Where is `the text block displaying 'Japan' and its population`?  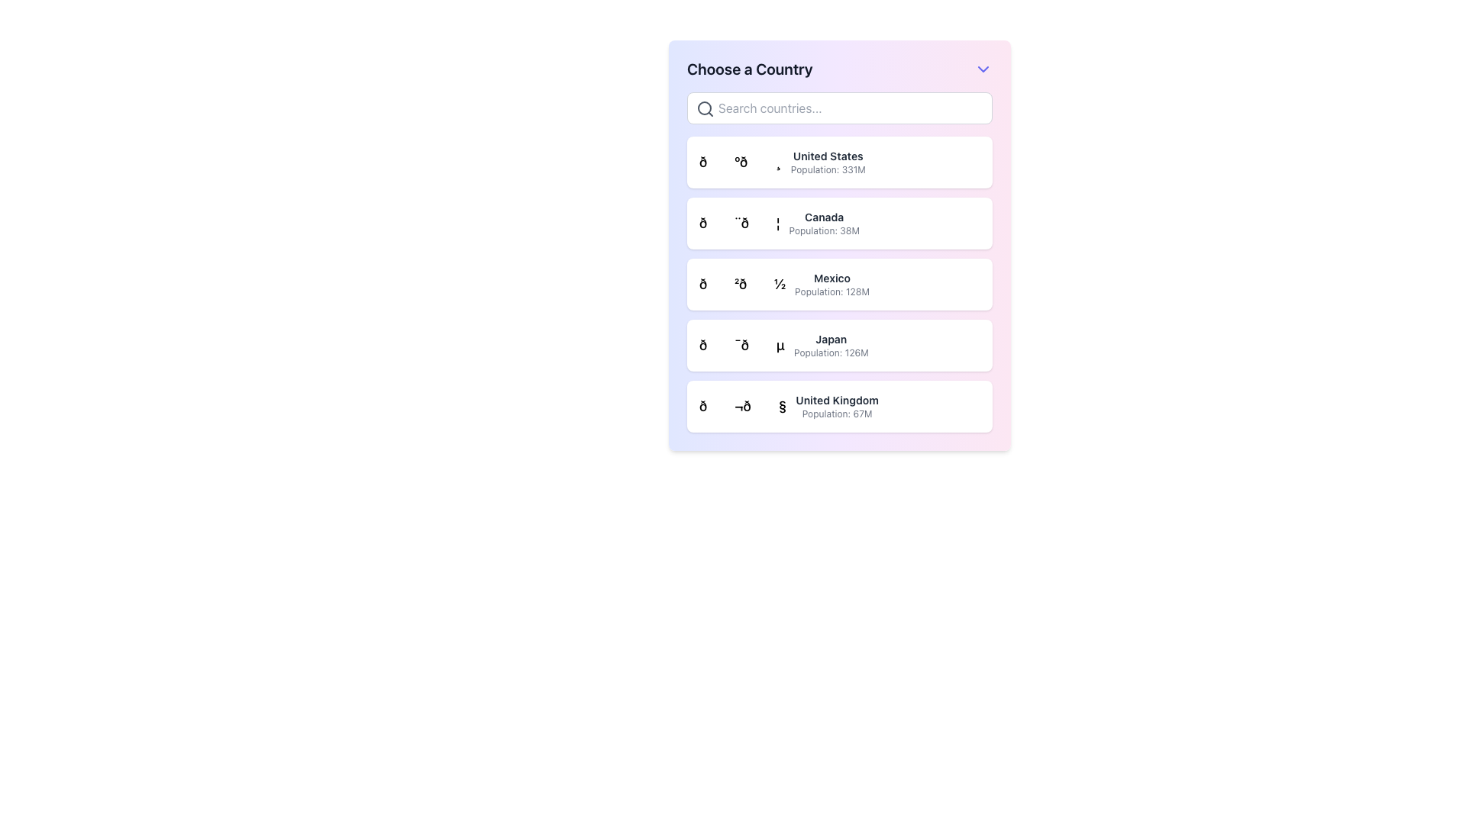 the text block displaying 'Japan' and its population is located at coordinates (830, 345).